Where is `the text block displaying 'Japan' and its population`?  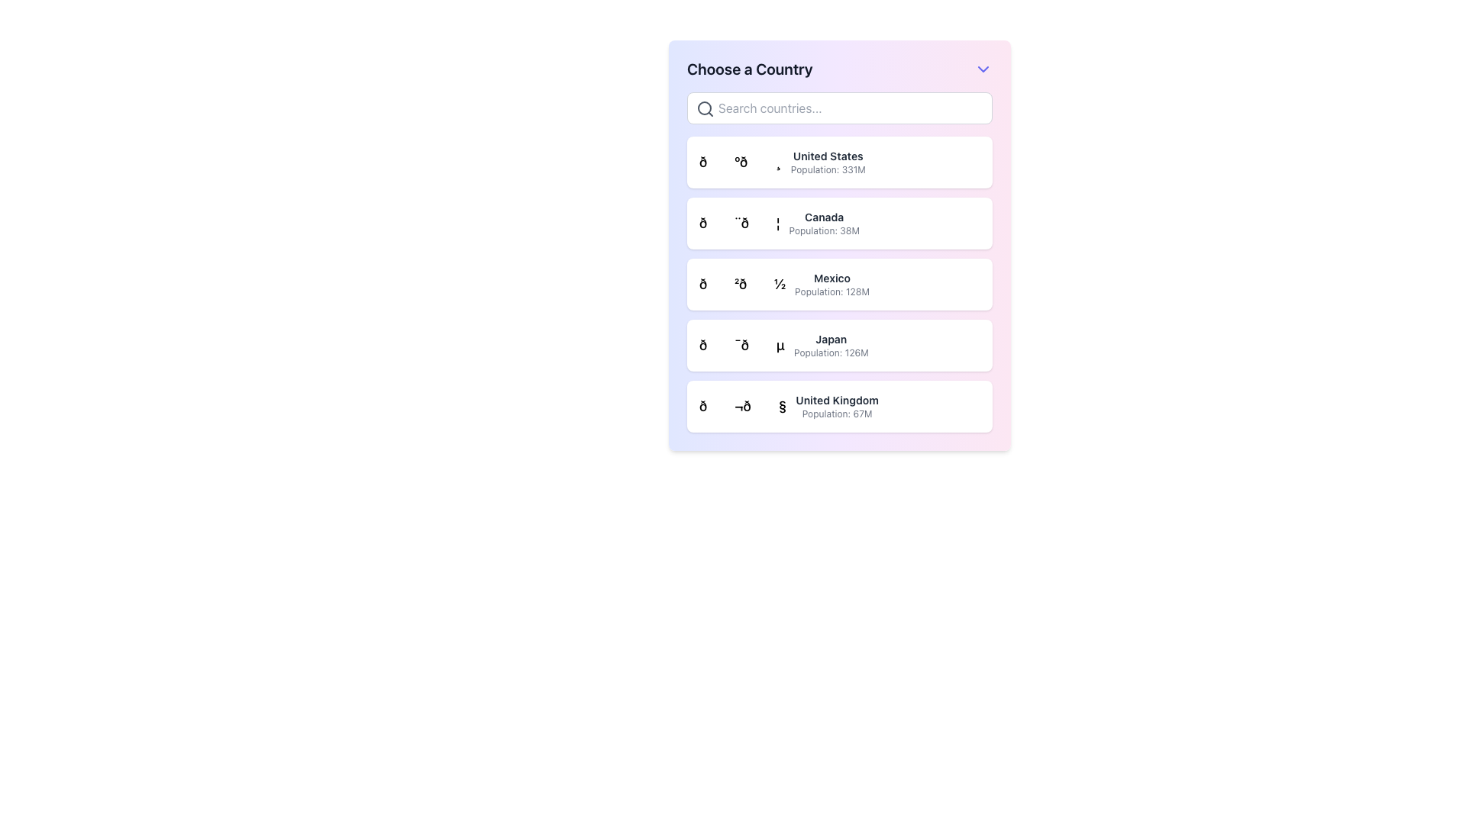 the text block displaying 'Japan' and its population is located at coordinates (830, 345).